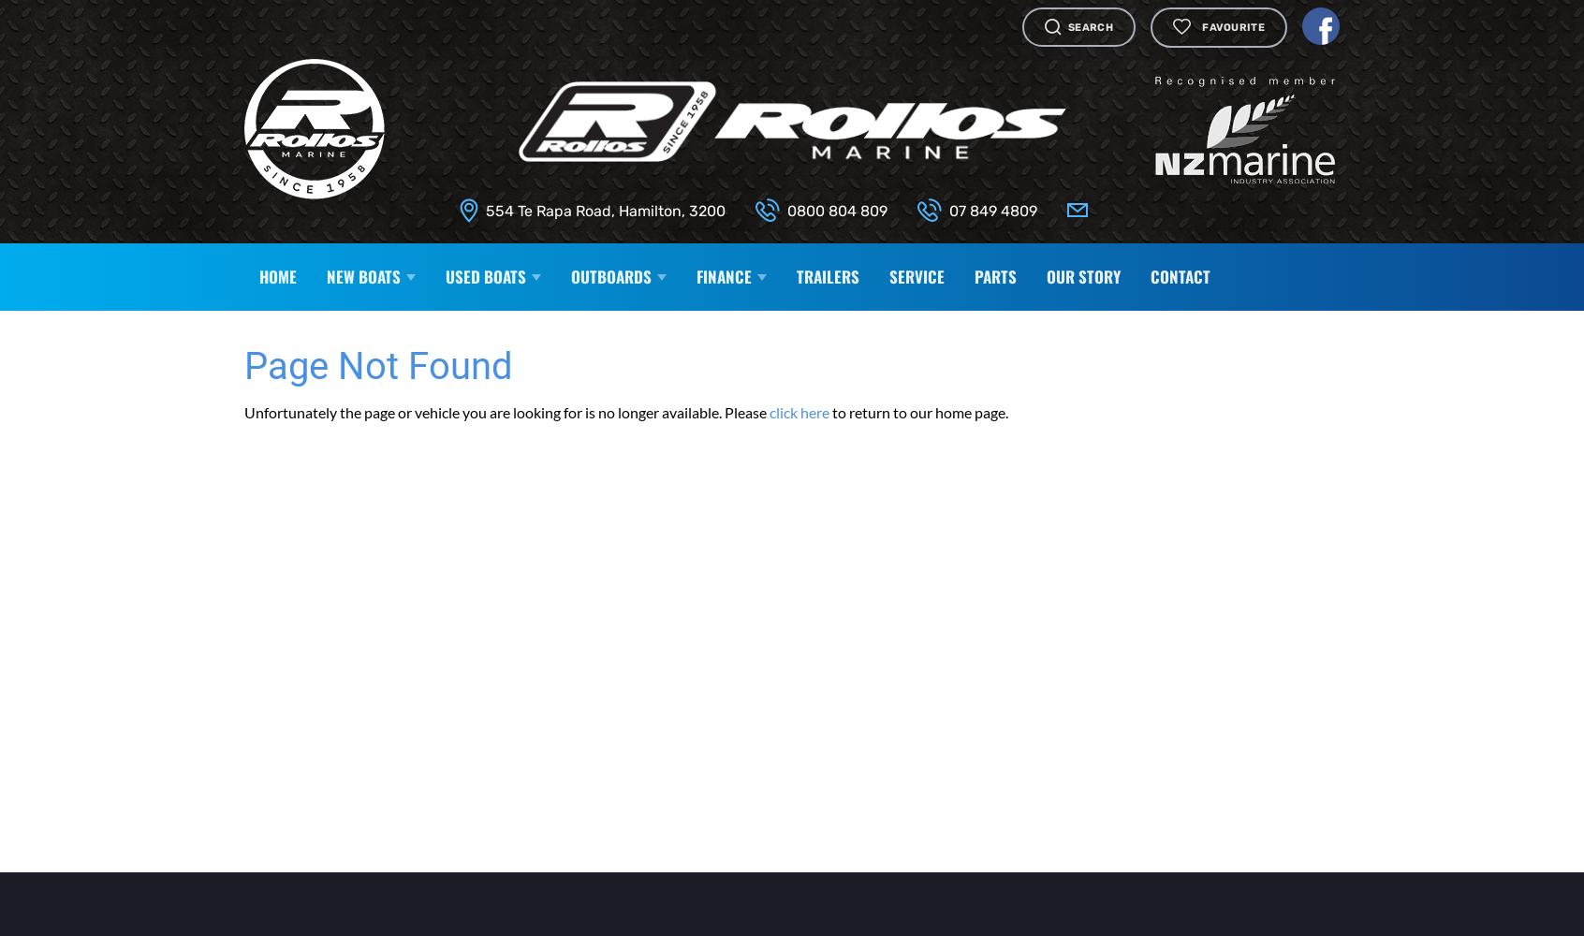 The height and width of the screenshot is (936, 1584). I want to click on 'Parts', so click(995, 275).